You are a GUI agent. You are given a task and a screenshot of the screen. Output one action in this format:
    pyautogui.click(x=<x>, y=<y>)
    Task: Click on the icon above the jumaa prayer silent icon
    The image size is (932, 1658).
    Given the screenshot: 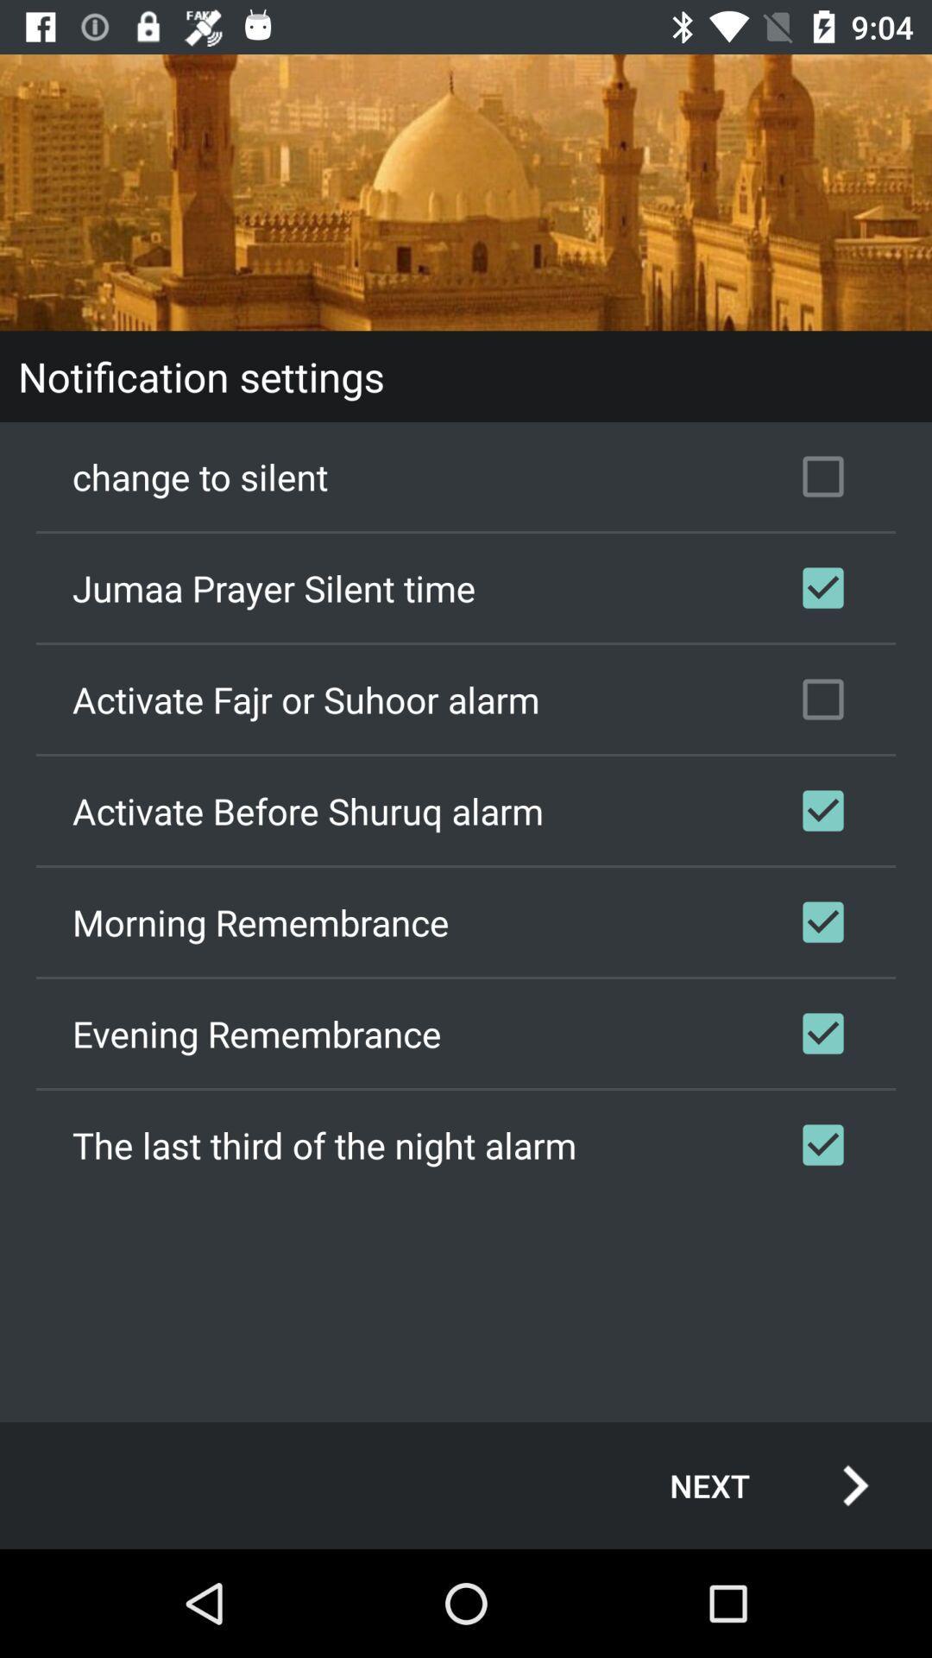 What is the action you would take?
    pyautogui.click(x=466, y=477)
    